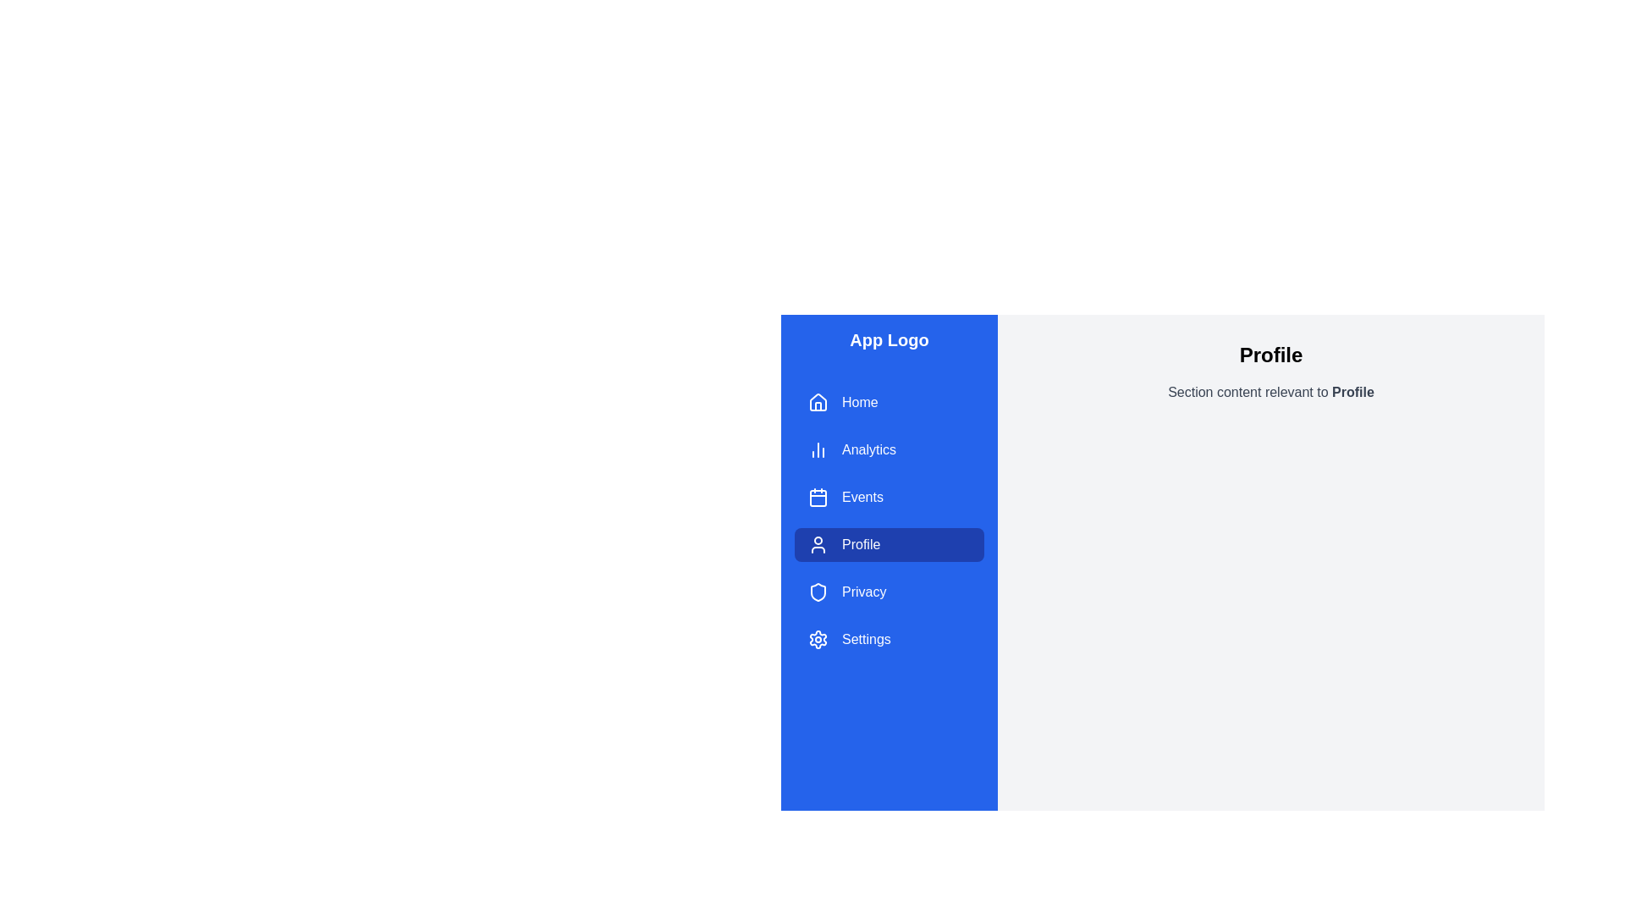 The width and height of the screenshot is (1625, 914). I want to click on the 'Analytics' text label within the second button in the sidebar for navigation, so click(869, 449).